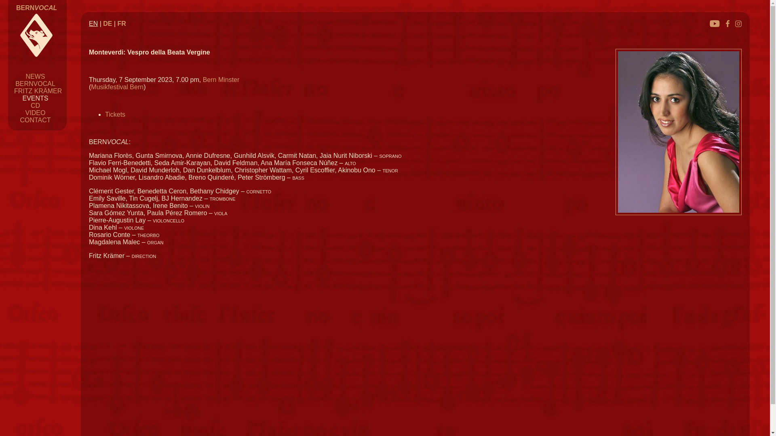 The image size is (776, 436). What do you see at coordinates (35, 76) in the screenshot?
I see `'NEWS'` at bounding box center [35, 76].